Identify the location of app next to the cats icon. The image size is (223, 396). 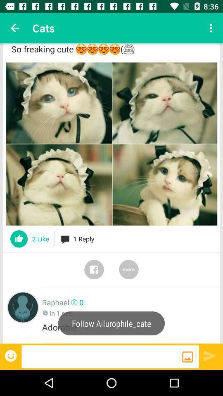
(212, 28).